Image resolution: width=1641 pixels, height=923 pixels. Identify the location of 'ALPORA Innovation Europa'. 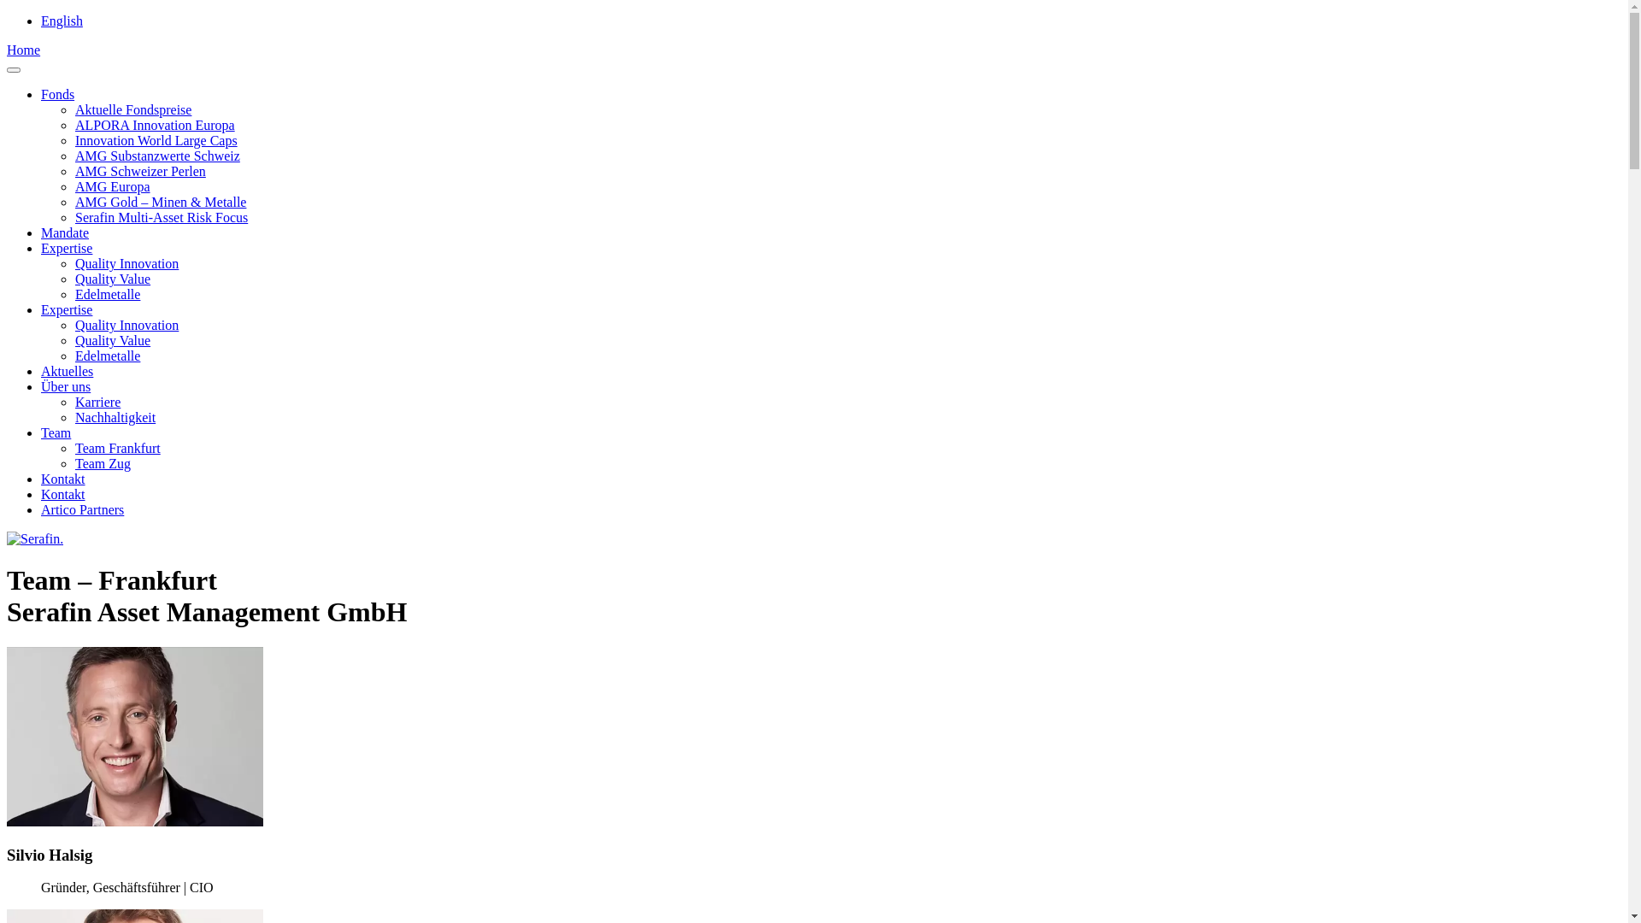
(74, 124).